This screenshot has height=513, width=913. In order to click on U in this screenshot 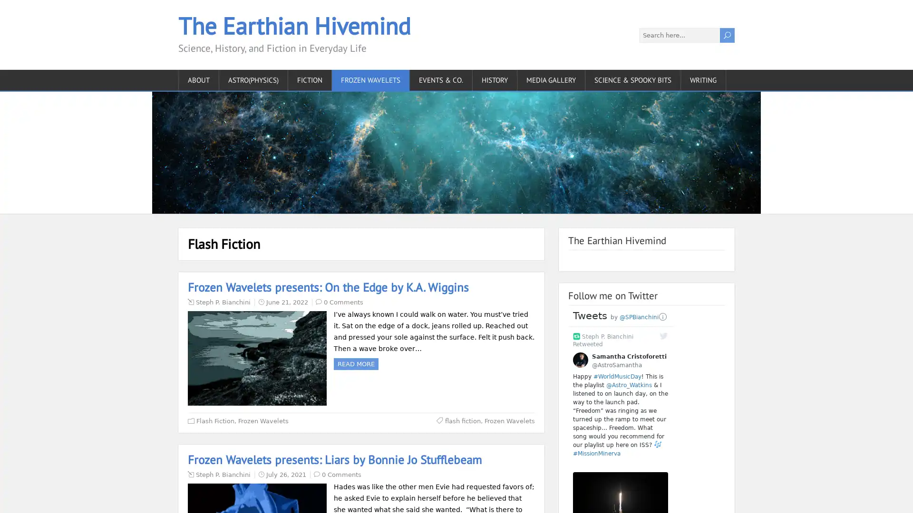, I will do `click(727, 34)`.